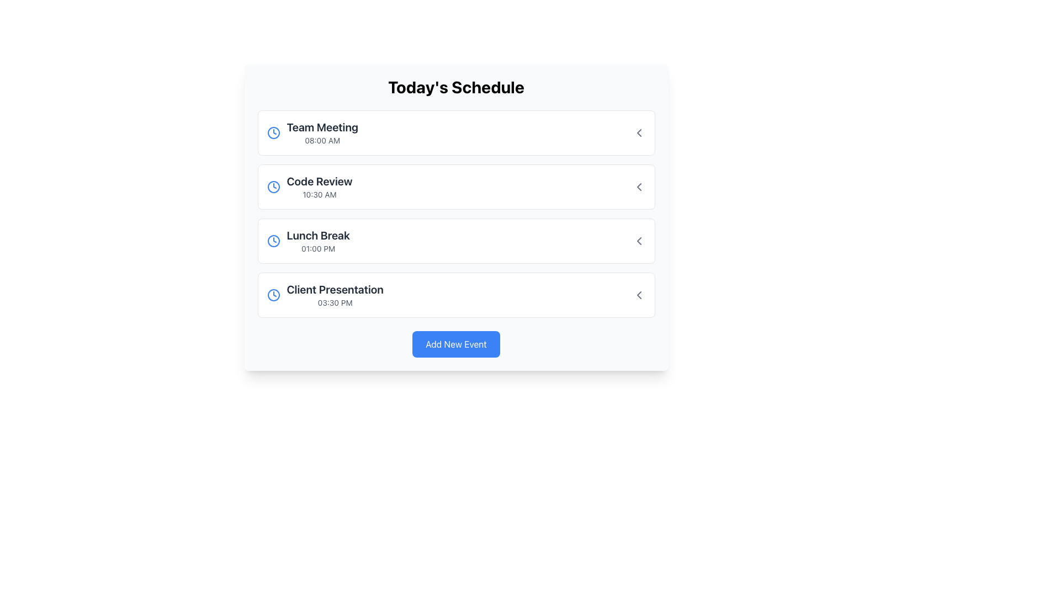  I want to click on the second event summary entry in the list, so click(456, 187).